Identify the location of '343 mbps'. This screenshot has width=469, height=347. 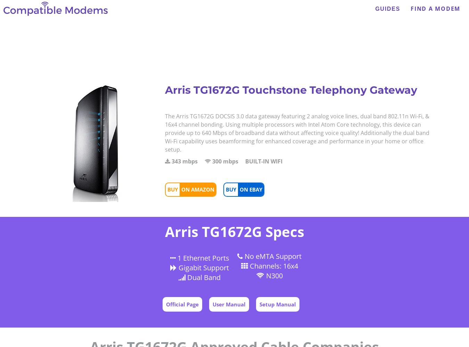
(184, 161).